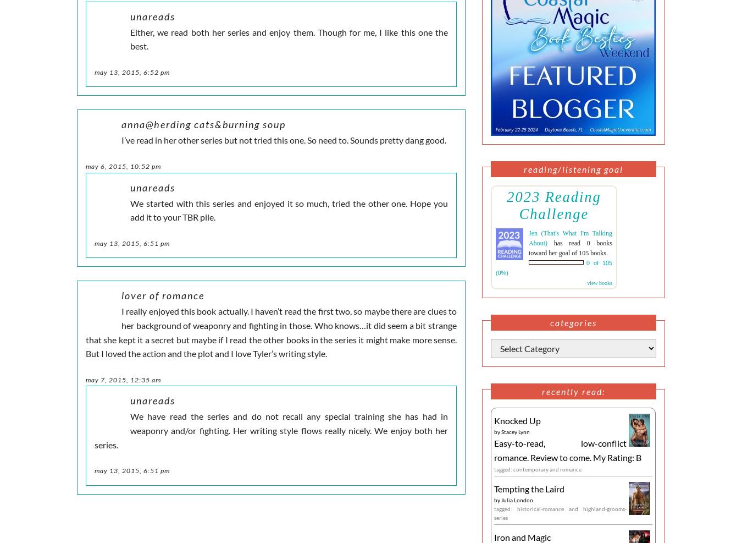 The image size is (742, 543). What do you see at coordinates (528, 237) in the screenshot?
I see `'Jen (That's What I'm Talking About)'` at bounding box center [528, 237].